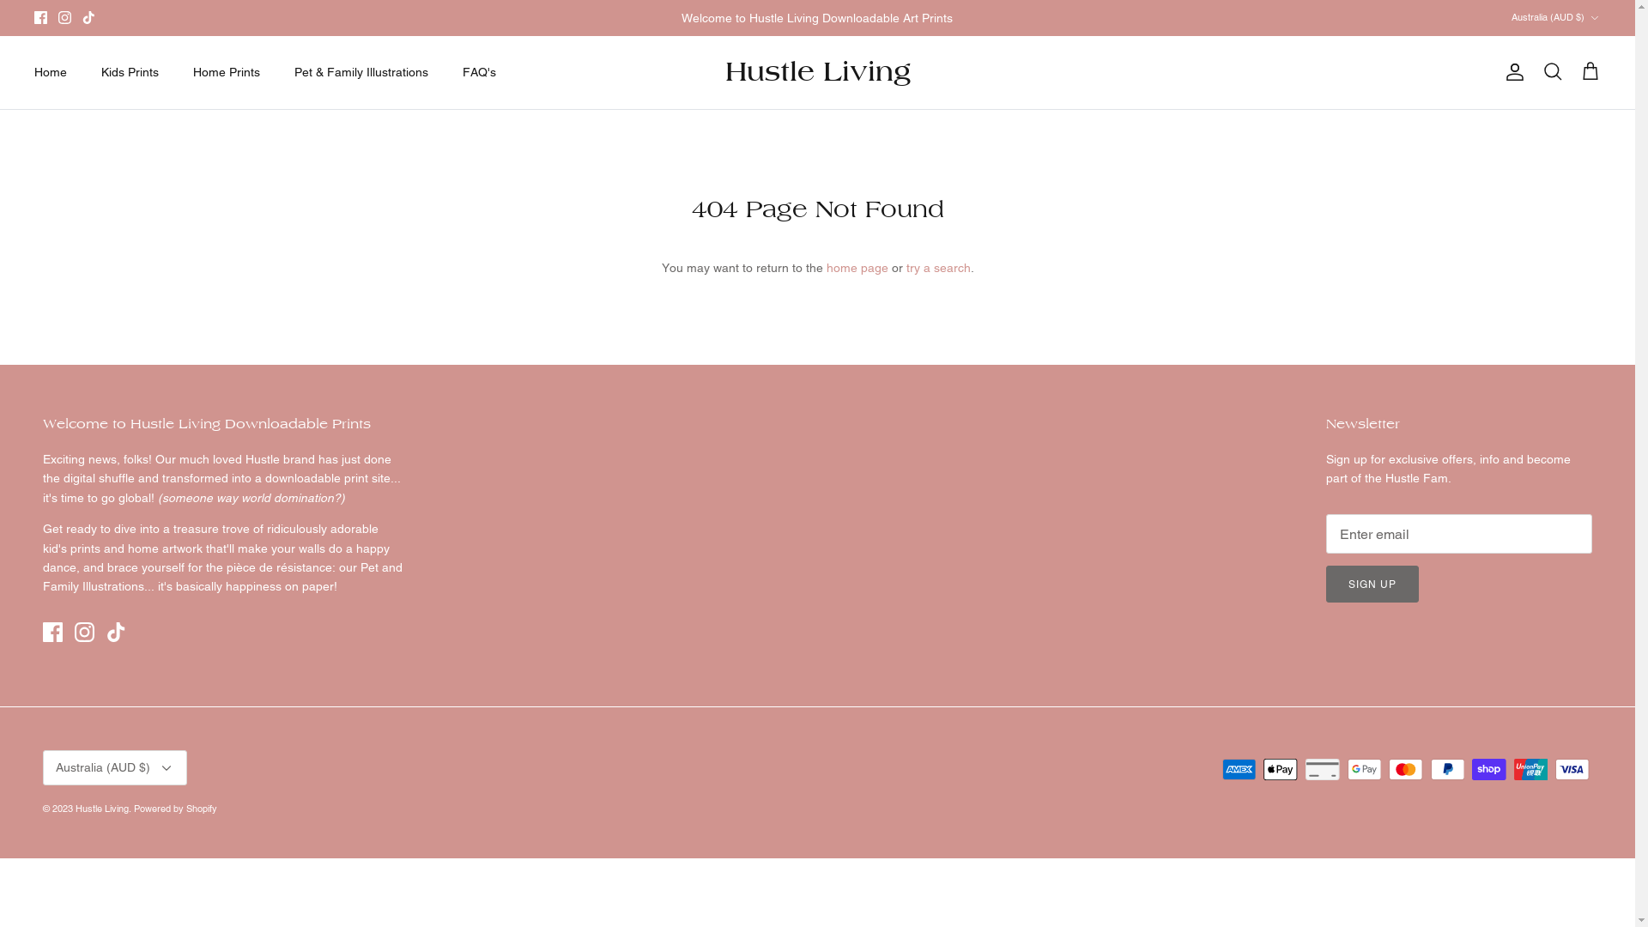  What do you see at coordinates (479, 71) in the screenshot?
I see `'FAQ's'` at bounding box center [479, 71].